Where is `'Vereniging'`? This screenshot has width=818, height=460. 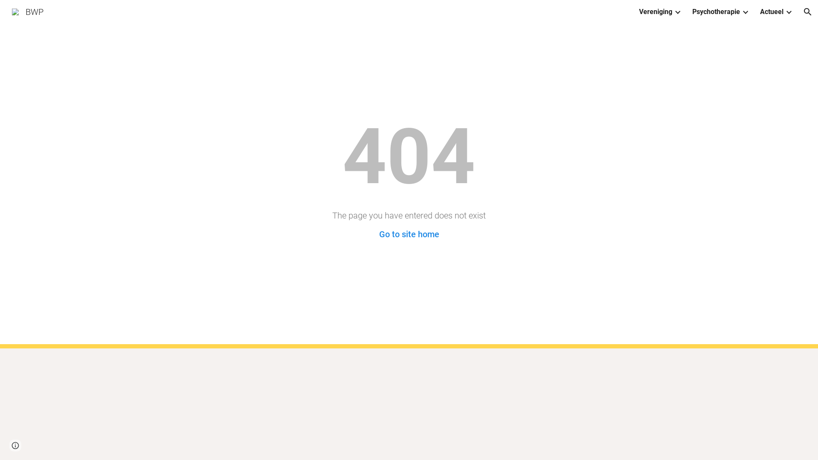 'Vereniging' is located at coordinates (655, 11).